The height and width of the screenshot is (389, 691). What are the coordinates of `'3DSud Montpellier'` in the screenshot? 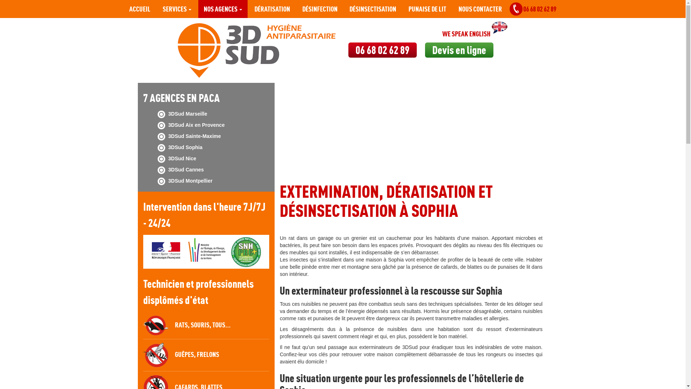 It's located at (190, 180).